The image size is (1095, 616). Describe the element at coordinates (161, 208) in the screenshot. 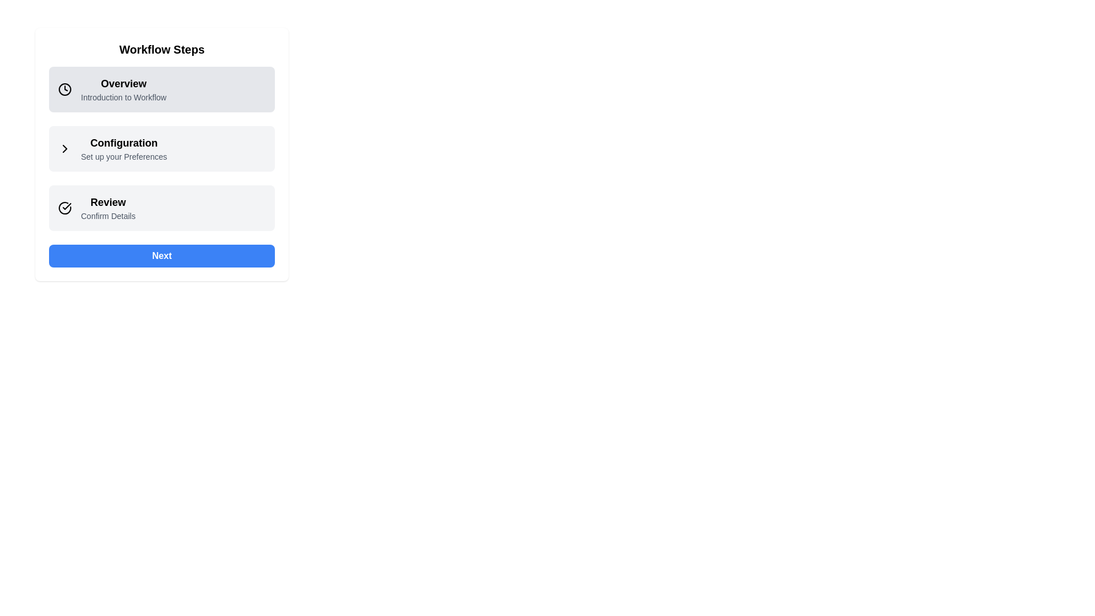

I see `the 'Review' step in the workflow interface, which is the third item in the vertical list of elements titled 'Workflow Steps', providing additional information 'Confirm Details'` at that location.